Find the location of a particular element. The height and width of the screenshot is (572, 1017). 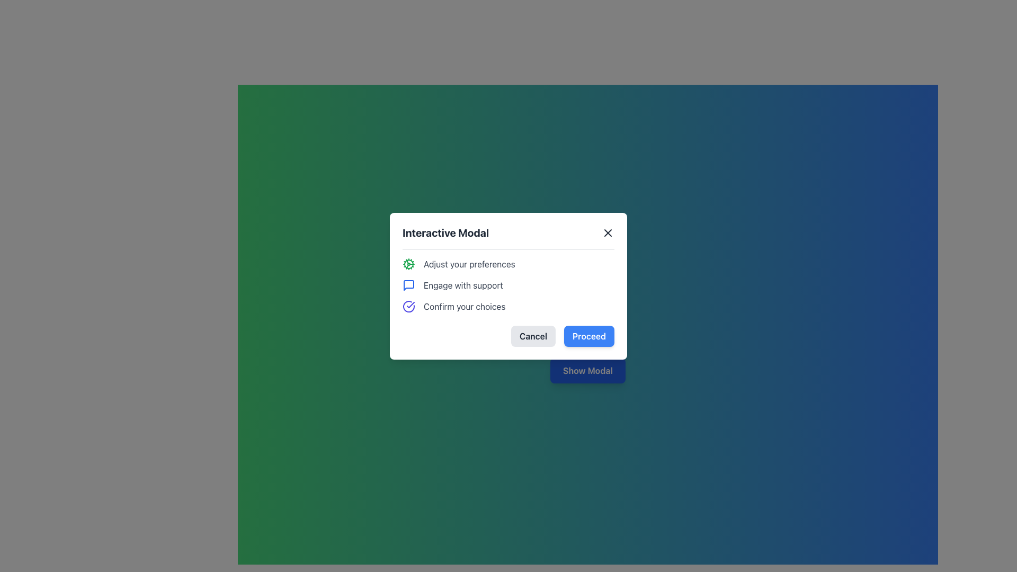

the close button located in the top-right corner of the modal header, next to the title 'Interactive Modal' is located at coordinates (608, 232).